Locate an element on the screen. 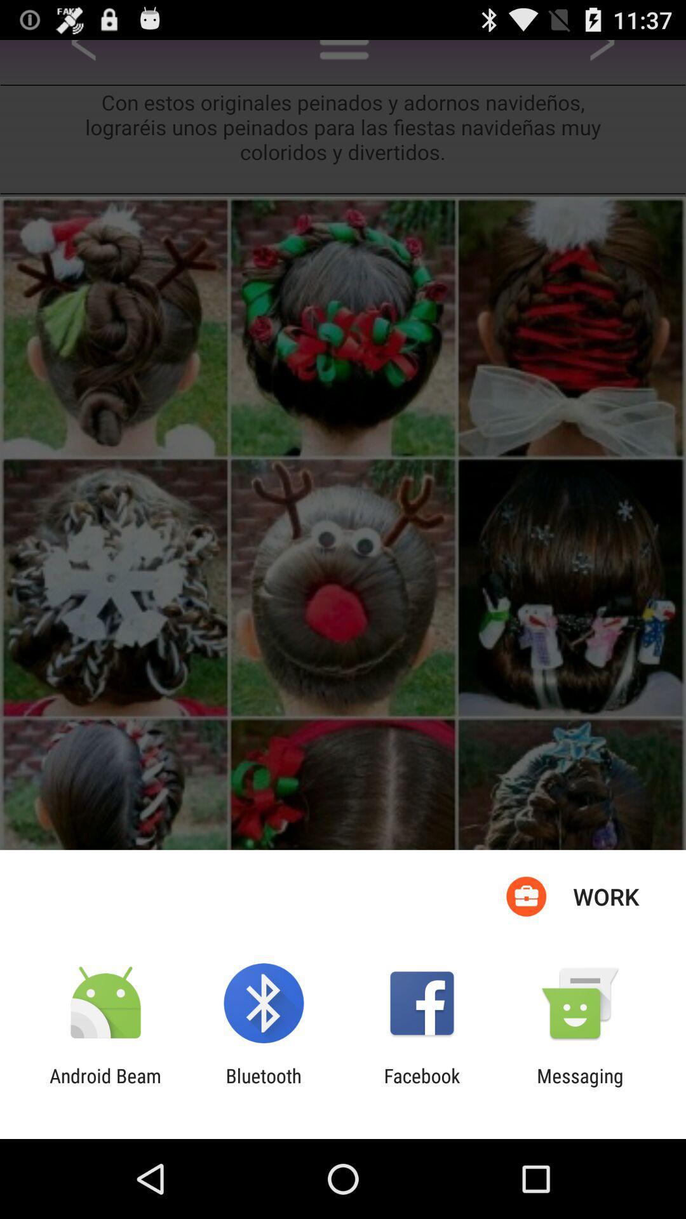  facebook is located at coordinates (422, 1086).